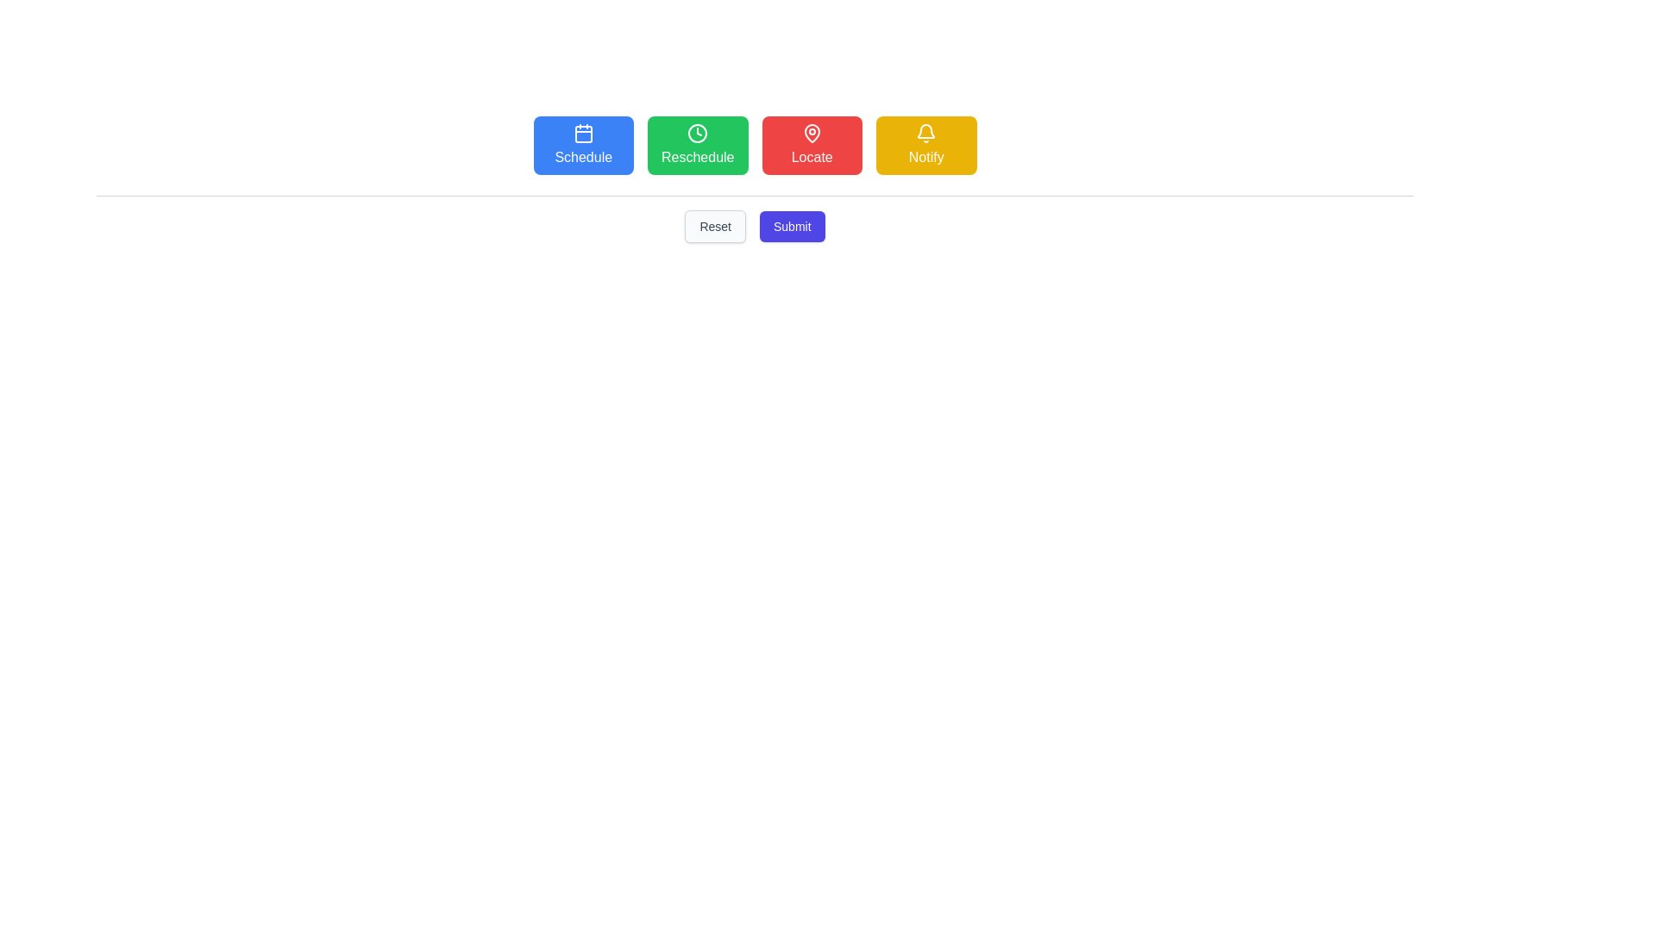 The image size is (1656, 931). What do you see at coordinates (811, 132) in the screenshot?
I see `the minimalist white pin icon with thin, rounded outlines on a red circular background, which is centered within the 'Locate' button` at bounding box center [811, 132].